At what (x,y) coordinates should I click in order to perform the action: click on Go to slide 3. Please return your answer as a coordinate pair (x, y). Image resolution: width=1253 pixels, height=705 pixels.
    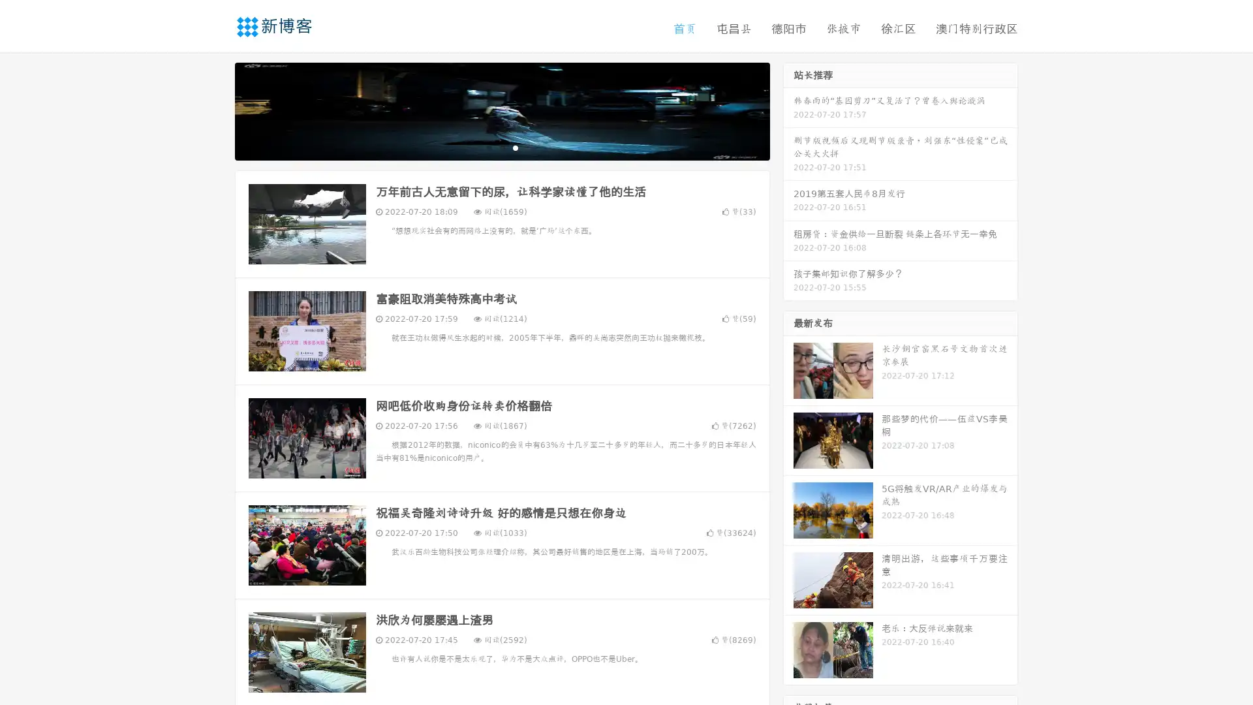
    Looking at the image, I should click on (515, 147).